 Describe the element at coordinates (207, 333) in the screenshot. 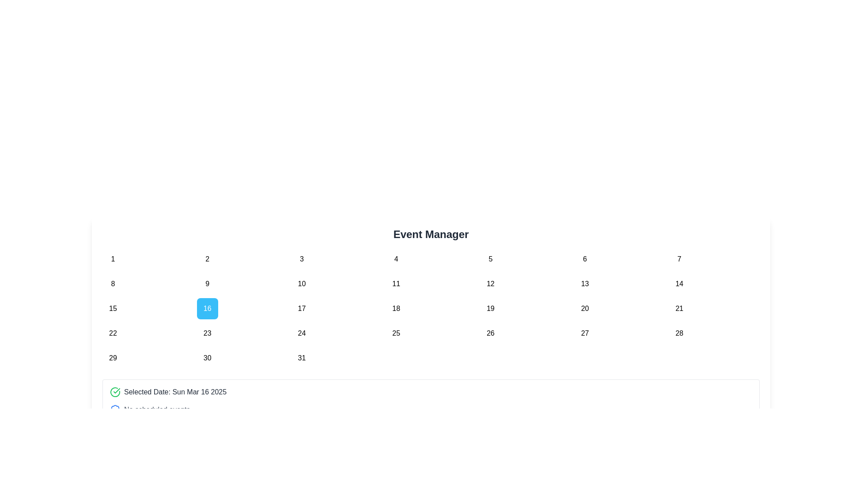

I see `the small square button with the number '23' centered inside it, which is located in the fifth row and second column of a grid layout` at that location.